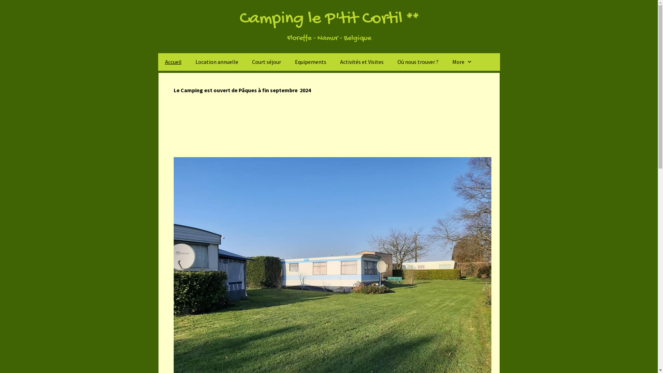 The width and height of the screenshot is (663, 373). I want to click on 'Camping le P'tit Cortil **', so click(329, 19).